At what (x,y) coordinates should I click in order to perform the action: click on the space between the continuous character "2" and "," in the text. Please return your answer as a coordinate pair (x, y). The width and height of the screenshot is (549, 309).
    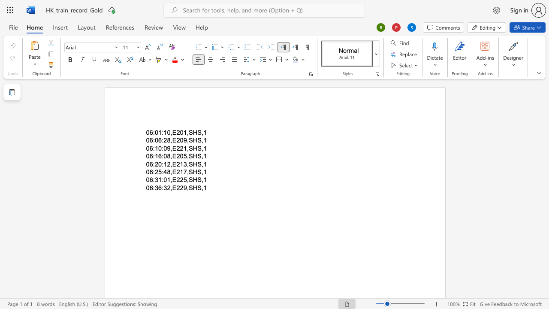
    Looking at the image, I should click on (170, 187).